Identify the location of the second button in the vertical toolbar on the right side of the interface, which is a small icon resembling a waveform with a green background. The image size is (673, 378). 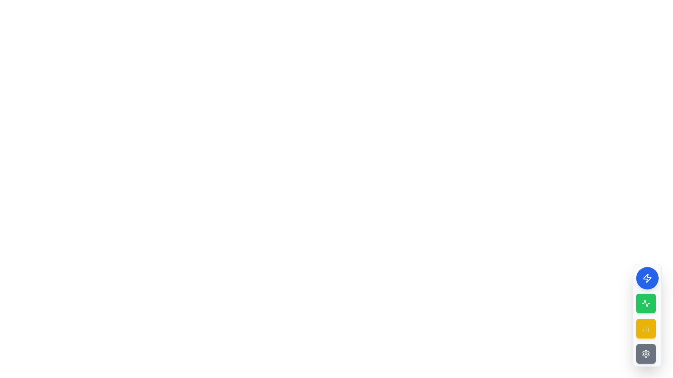
(646, 303).